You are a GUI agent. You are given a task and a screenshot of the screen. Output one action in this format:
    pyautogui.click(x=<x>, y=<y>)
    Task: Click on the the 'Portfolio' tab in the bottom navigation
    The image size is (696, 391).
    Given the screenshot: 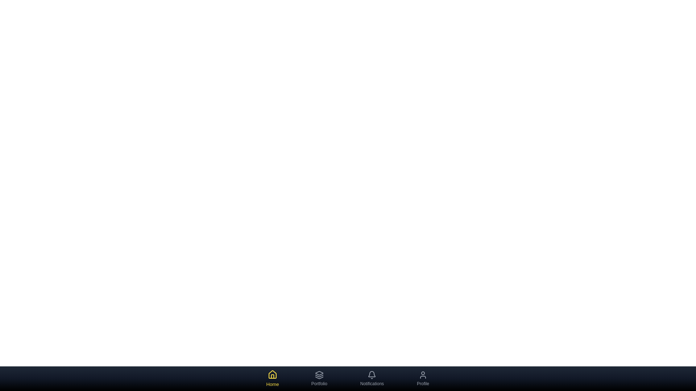 What is the action you would take?
    pyautogui.click(x=319, y=378)
    